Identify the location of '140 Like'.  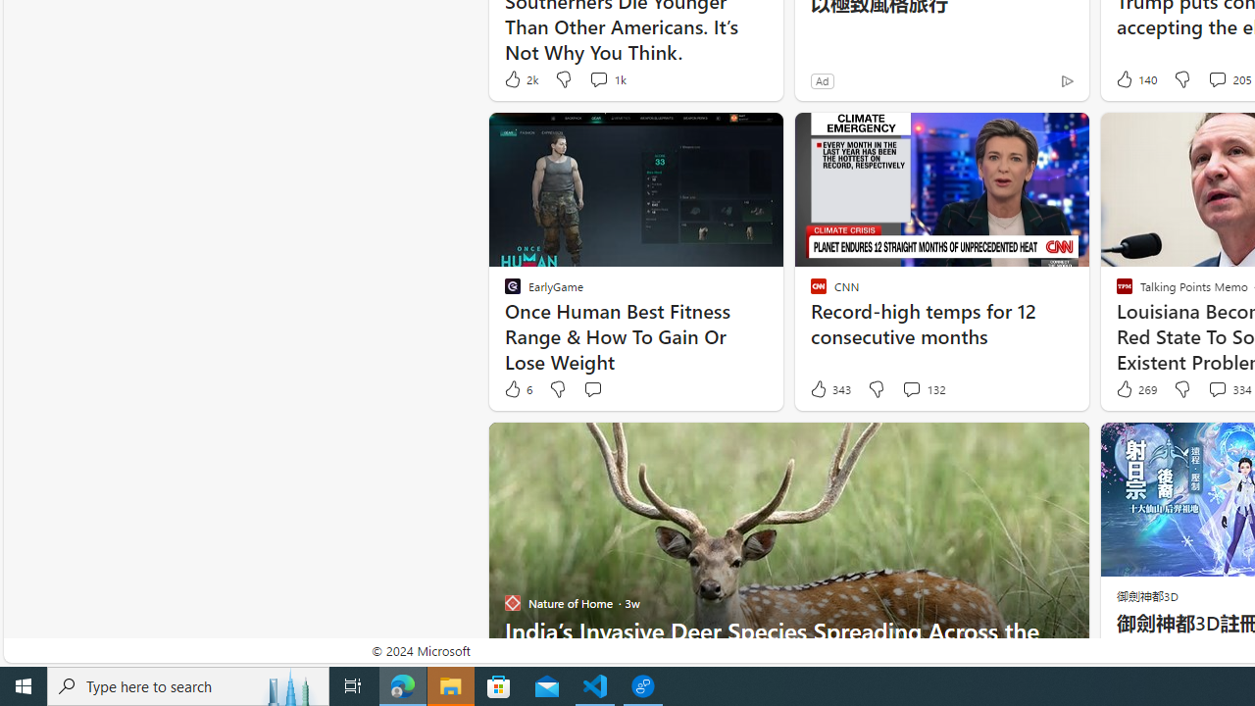
(1134, 78).